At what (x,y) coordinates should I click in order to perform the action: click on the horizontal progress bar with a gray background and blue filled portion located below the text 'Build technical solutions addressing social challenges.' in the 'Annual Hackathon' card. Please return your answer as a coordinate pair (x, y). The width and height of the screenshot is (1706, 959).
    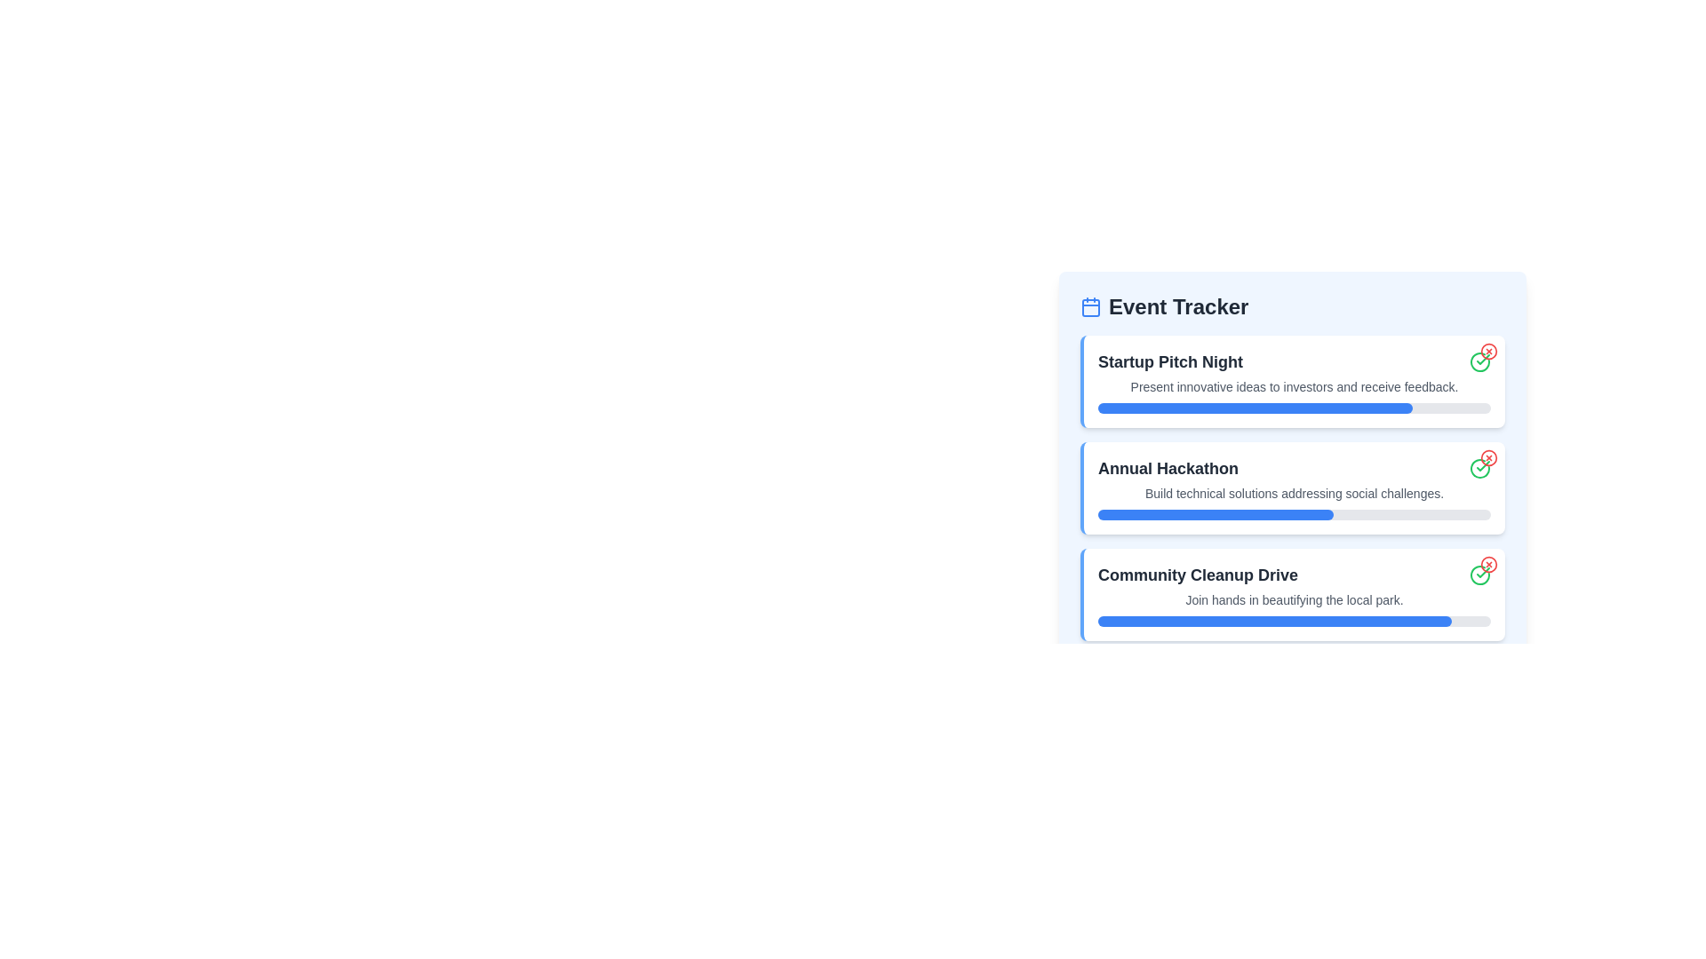
    Looking at the image, I should click on (1295, 514).